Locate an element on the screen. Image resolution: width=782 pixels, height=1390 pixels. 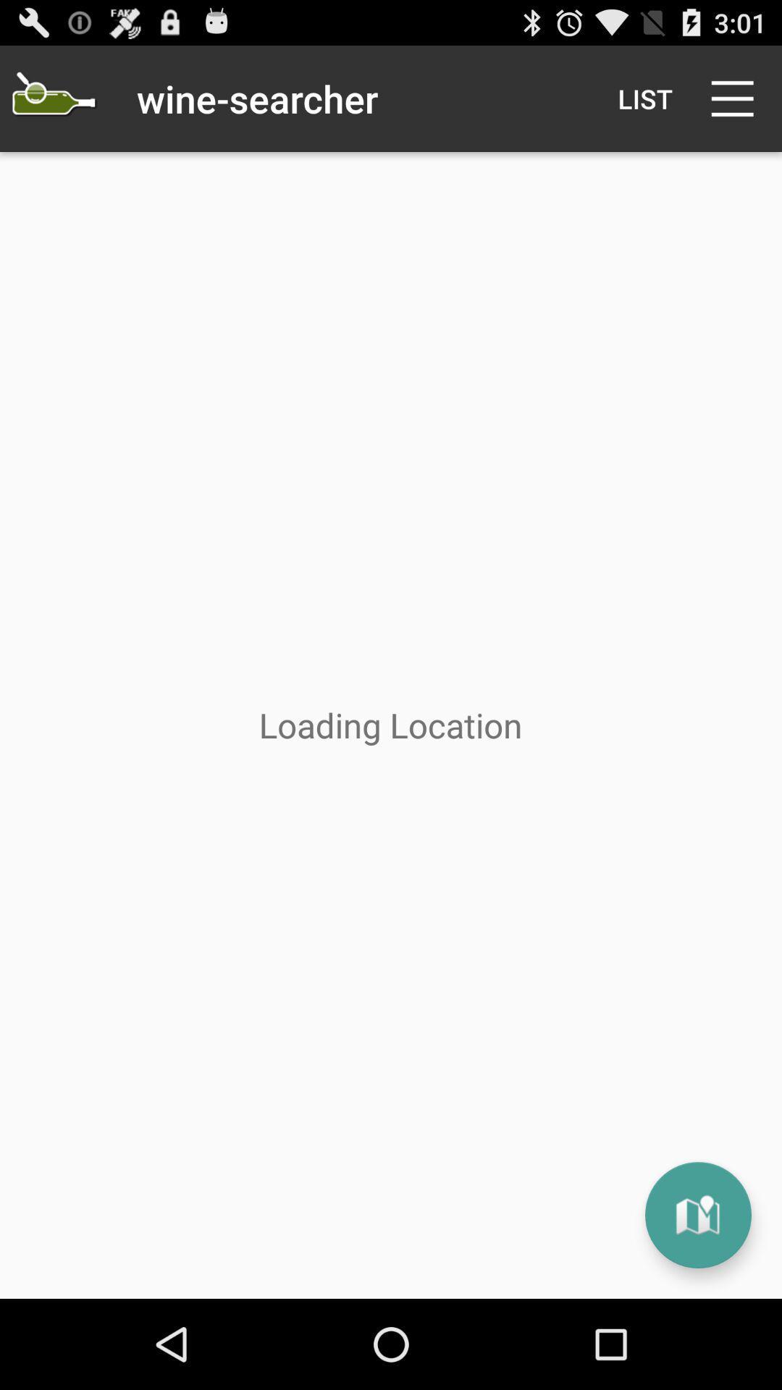
the icon next to the wine-searcher item is located at coordinates (52, 98).